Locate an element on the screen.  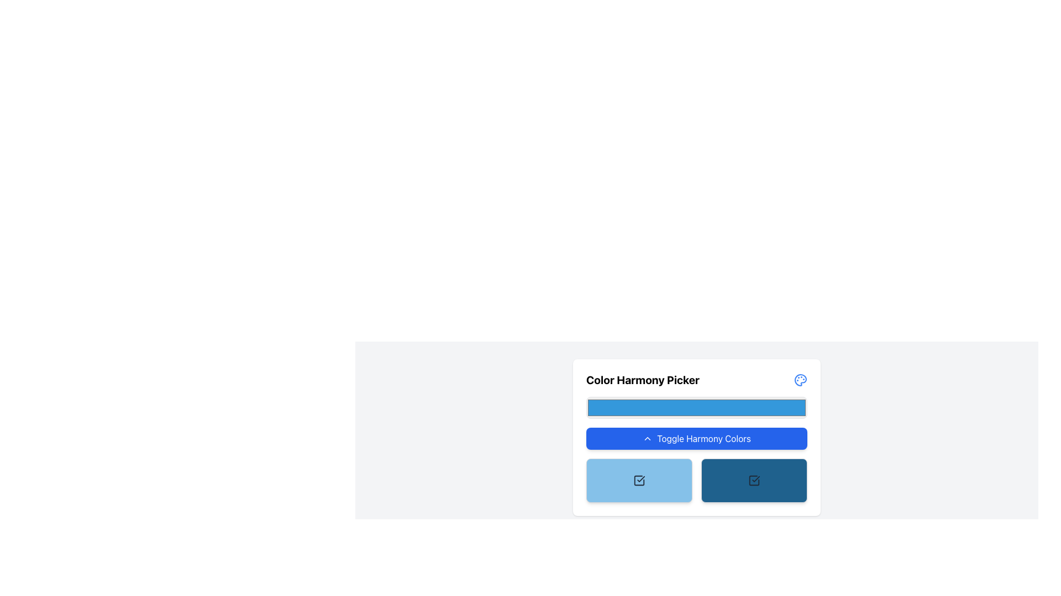
the Interactive Button located in the bottom-left corner of a two-column grid is located at coordinates (639, 480).